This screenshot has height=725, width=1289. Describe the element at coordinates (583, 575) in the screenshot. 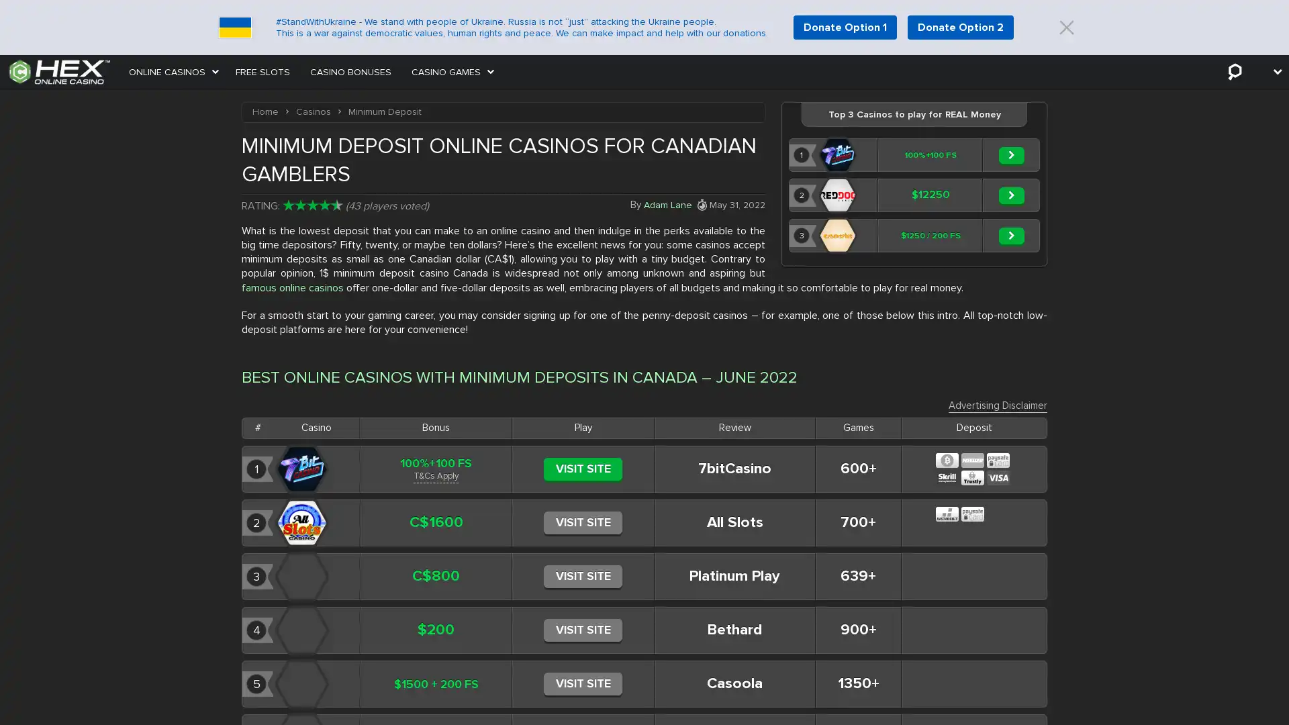

I see `VISIT SITE` at that location.